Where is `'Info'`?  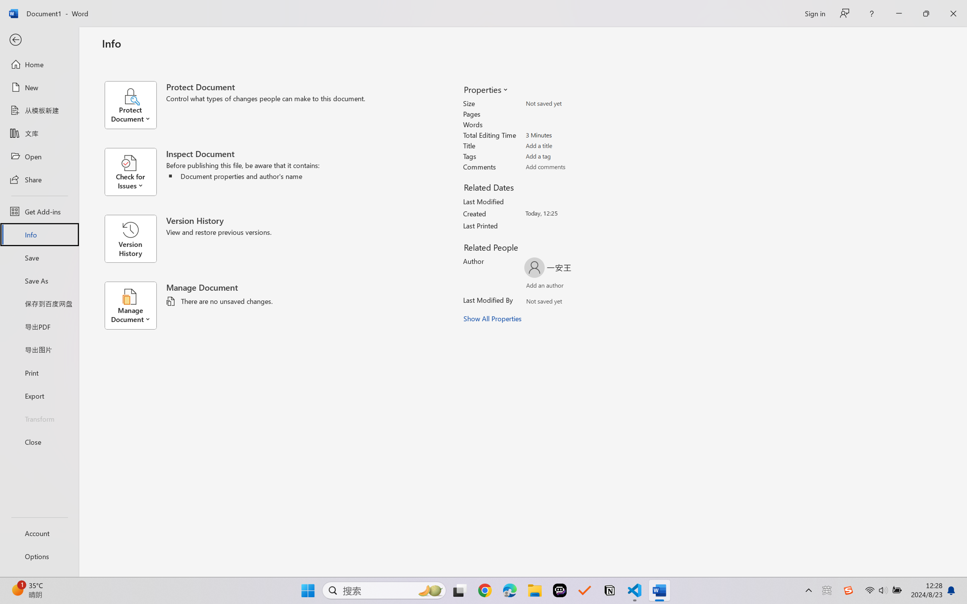
'Info' is located at coordinates (39, 234).